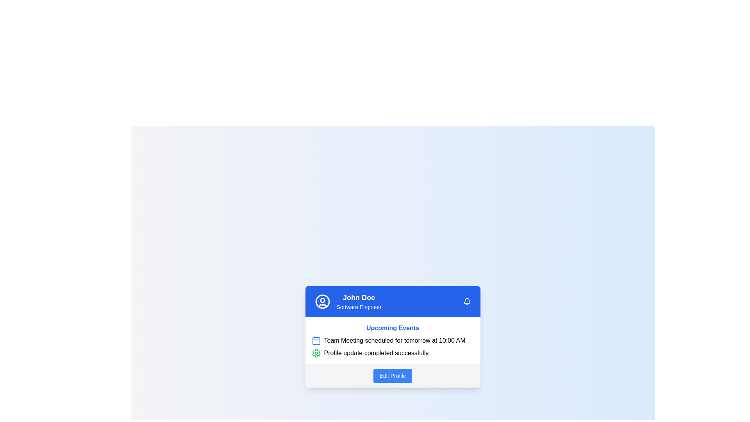 The image size is (750, 422). What do you see at coordinates (348, 301) in the screenshot?
I see `the Profile Card displaying the name 'John Doe' and title 'Software Engineer', located at the top-left corner of the blue background section` at bounding box center [348, 301].